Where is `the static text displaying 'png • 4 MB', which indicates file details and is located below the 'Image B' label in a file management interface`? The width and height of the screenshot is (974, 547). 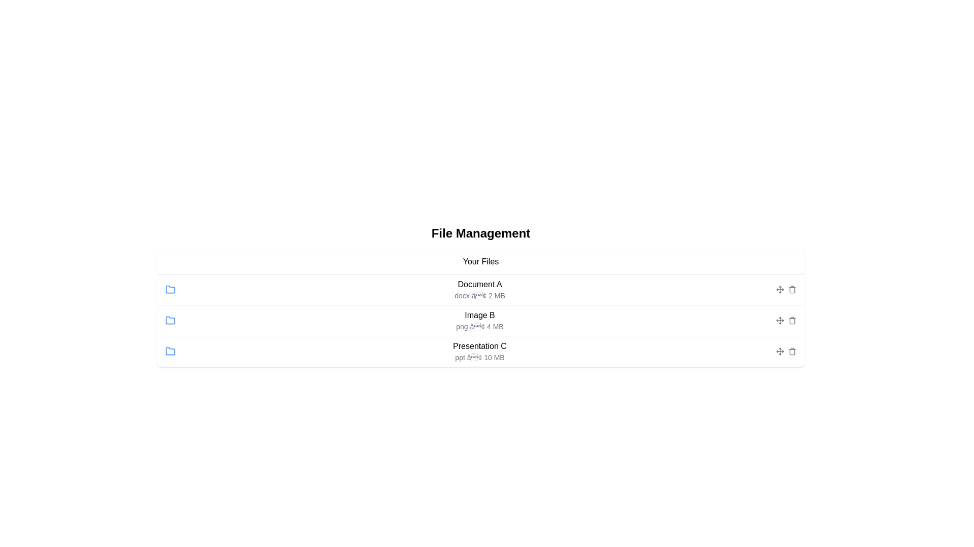
the static text displaying 'png • 4 MB', which indicates file details and is located below the 'Image B' label in a file management interface is located at coordinates (479, 326).